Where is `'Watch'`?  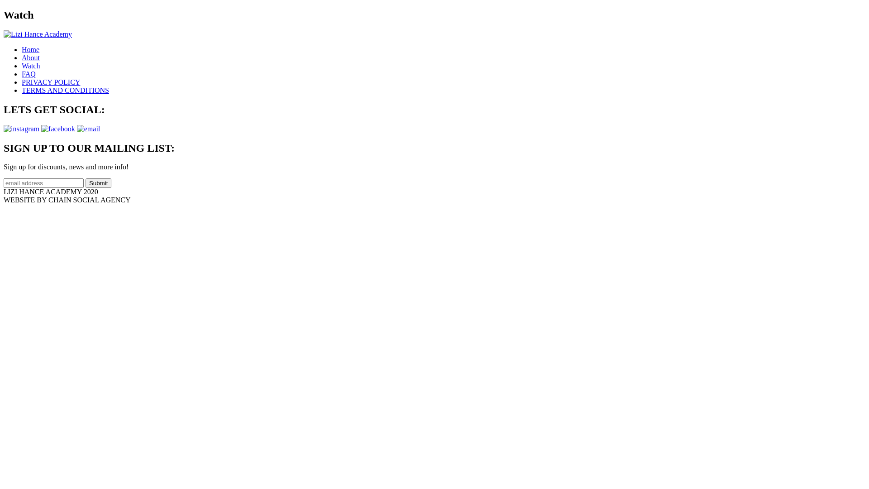
'Watch' is located at coordinates (22, 65).